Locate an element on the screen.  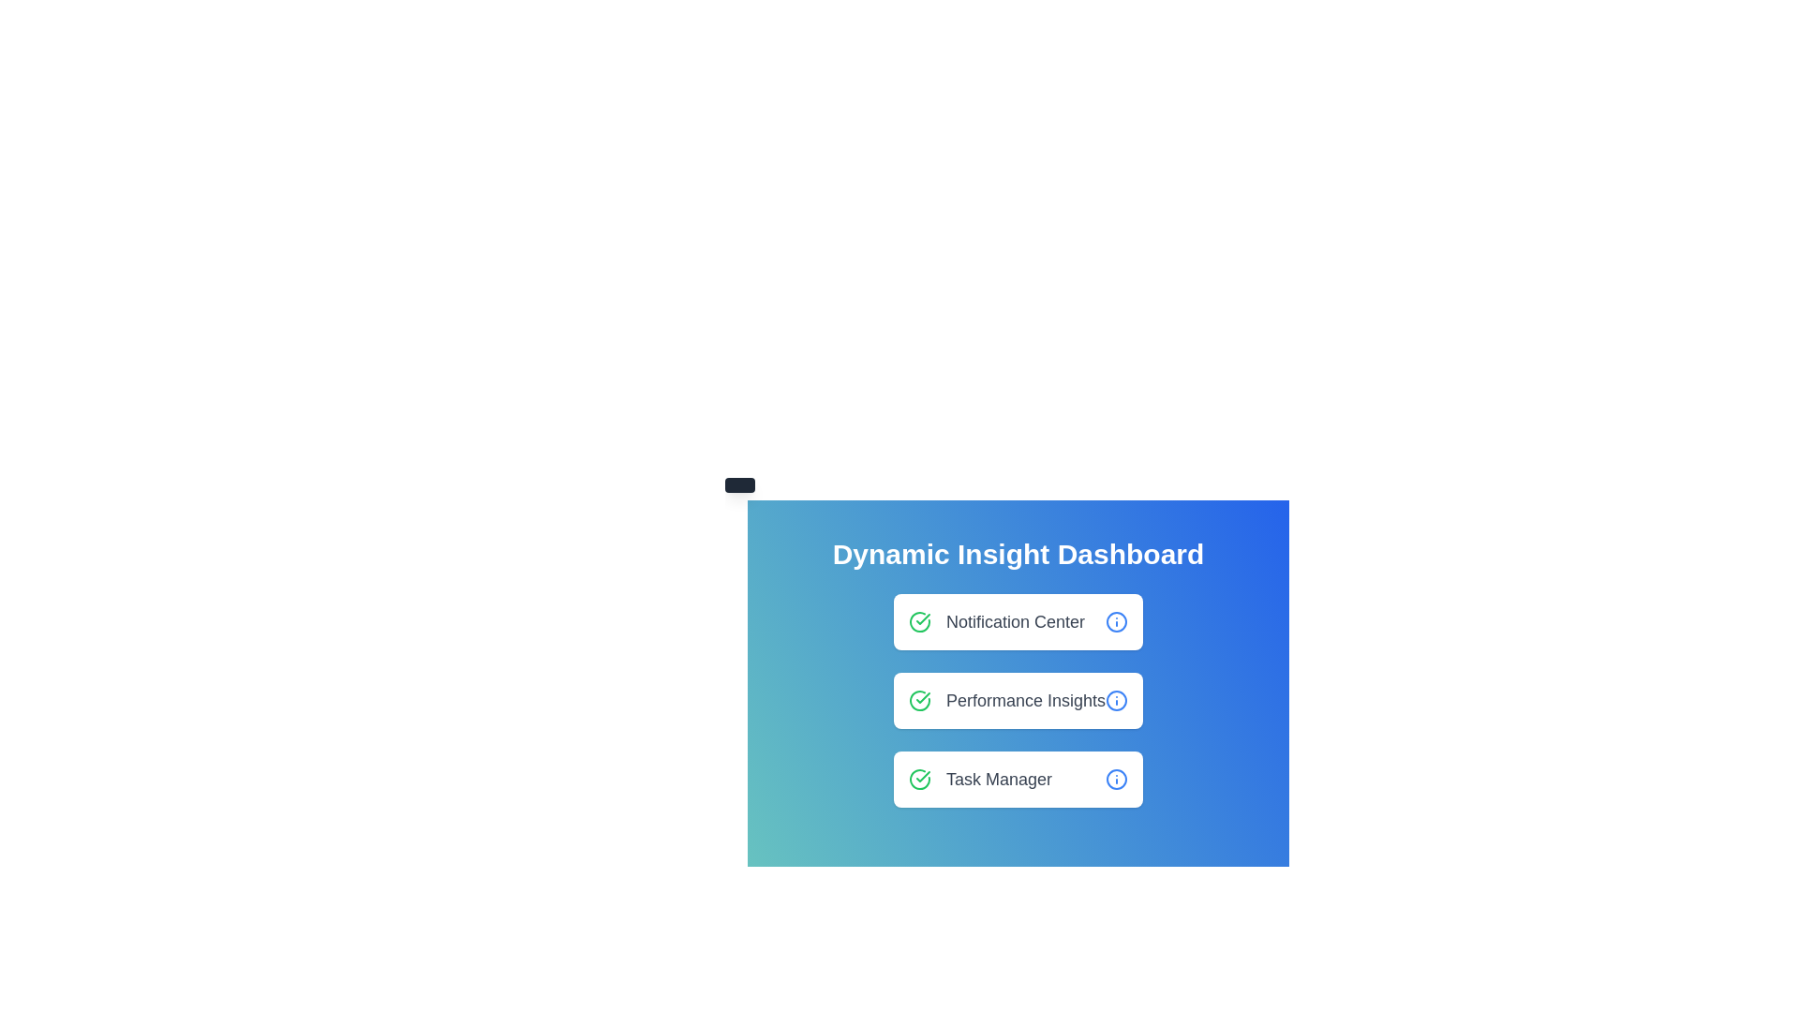
the 'Task Manager' label which features a green circle icon with a checkmark, indicating successful completion, located in a vertically stacked list of items is located at coordinates (979, 780).